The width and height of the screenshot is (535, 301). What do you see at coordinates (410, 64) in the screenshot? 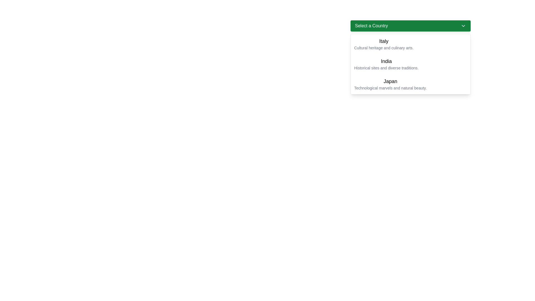
I see `the dropdown menu item displaying 'India'` at bounding box center [410, 64].